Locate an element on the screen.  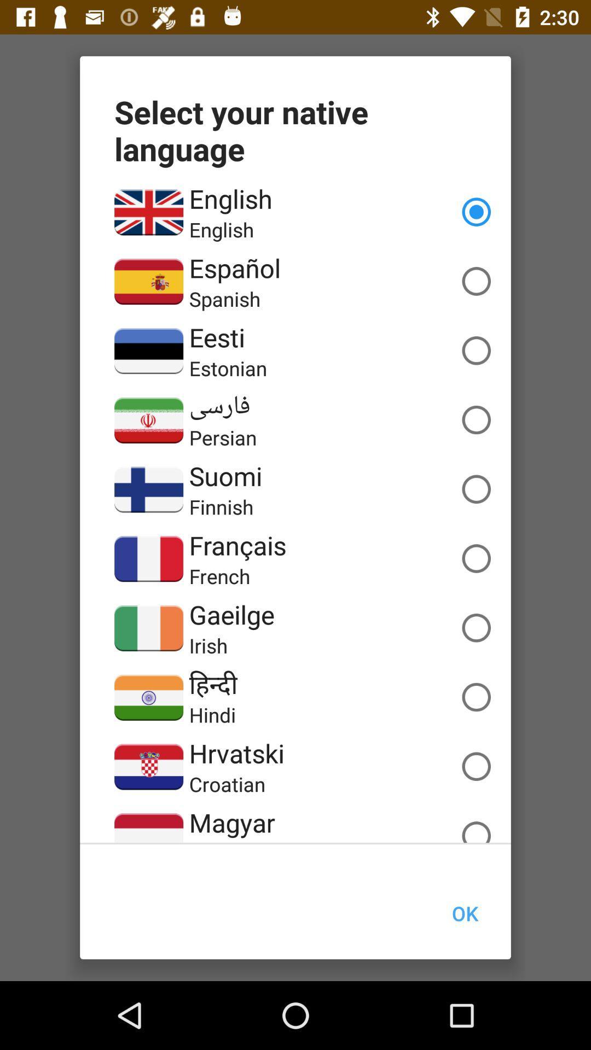
the item below the gaeilge app is located at coordinates (208, 645).